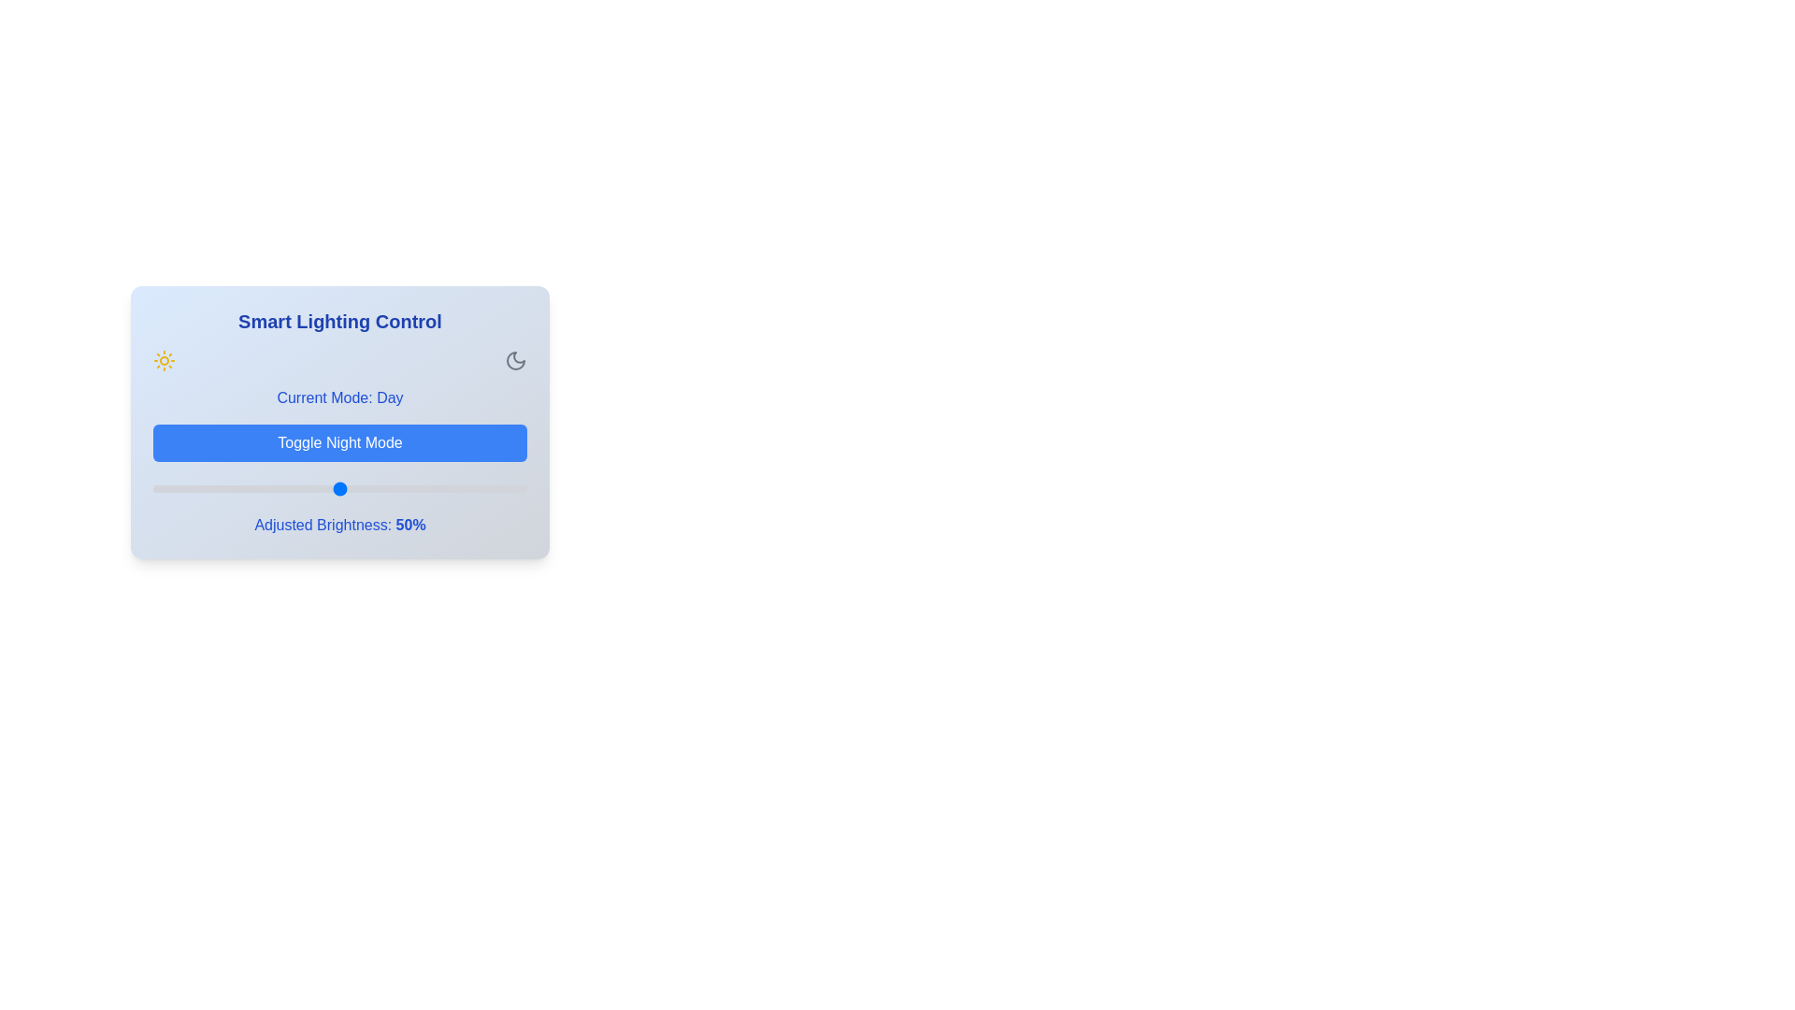 The height and width of the screenshot is (1010, 1795). What do you see at coordinates (351, 488) in the screenshot?
I see `the brightness level` at bounding box center [351, 488].